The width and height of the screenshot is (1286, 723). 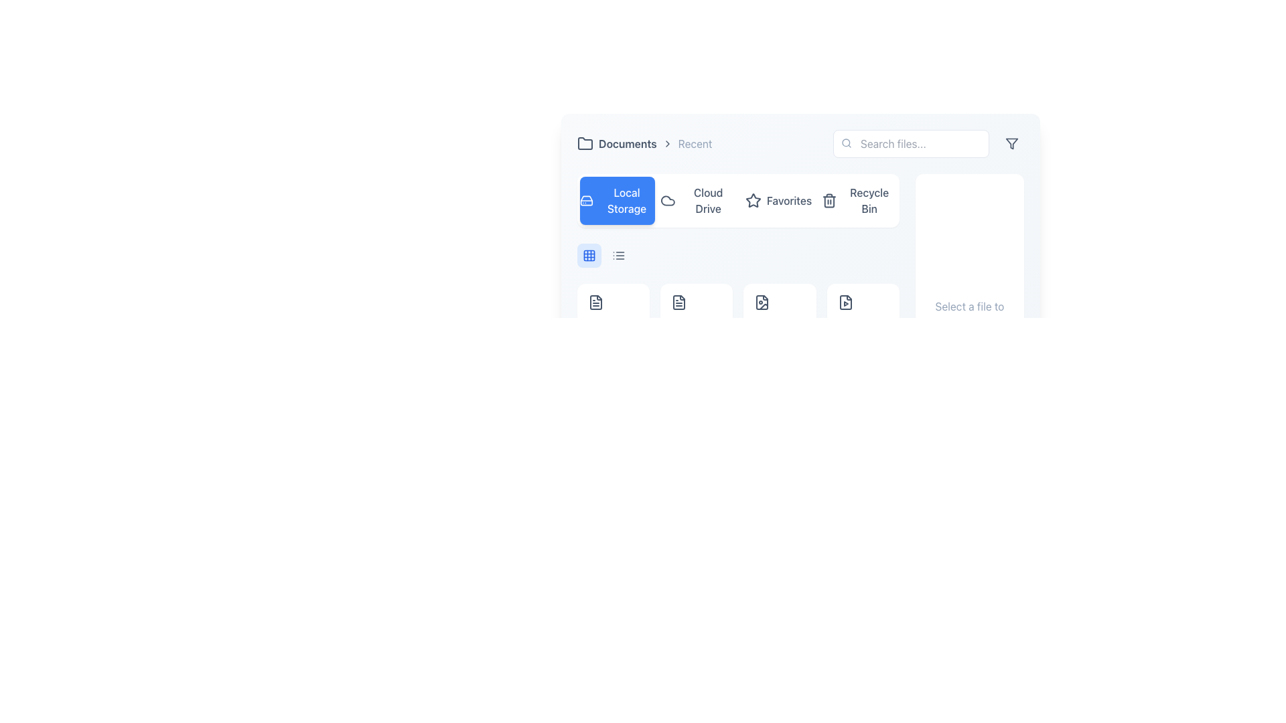 I want to click on the small magnifying glass icon styled as a search symbol located on the left side of the input field in the upper-right portion of the interface, so click(x=845, y=143).